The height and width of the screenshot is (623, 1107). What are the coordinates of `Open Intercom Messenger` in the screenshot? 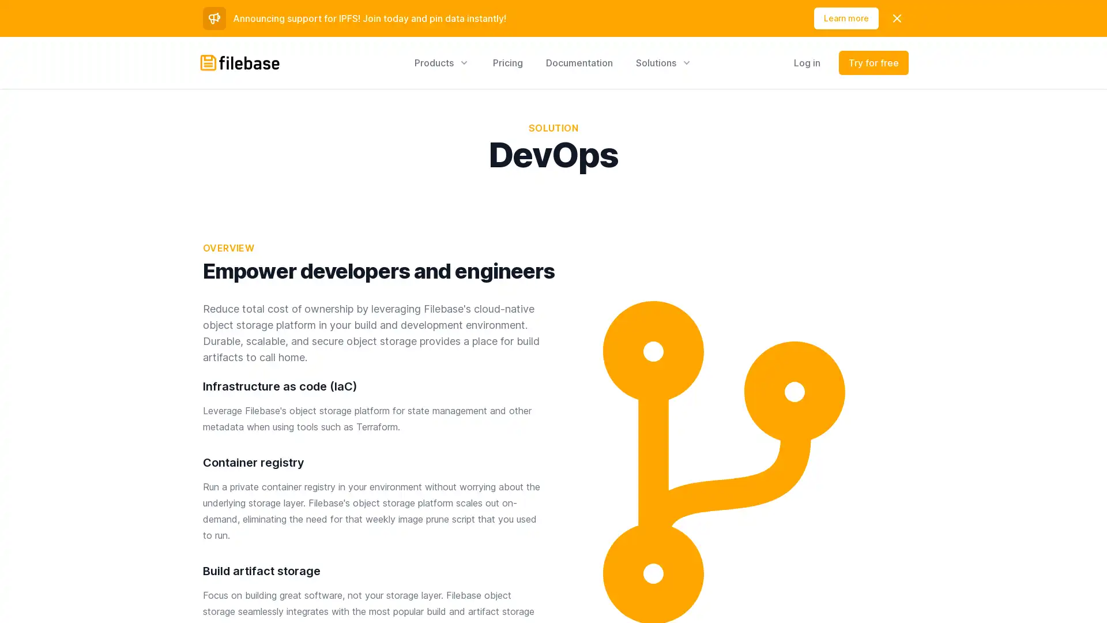 It's located at (1078, 594).